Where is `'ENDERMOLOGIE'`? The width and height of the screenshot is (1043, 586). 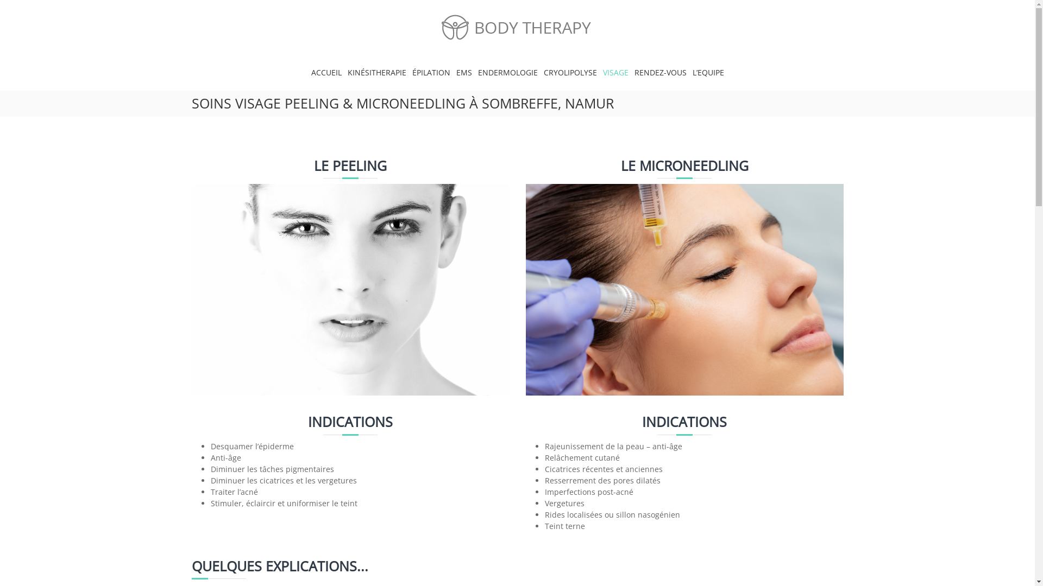
'ENDERMOLOGIE' is located at coordinates (507, 72).